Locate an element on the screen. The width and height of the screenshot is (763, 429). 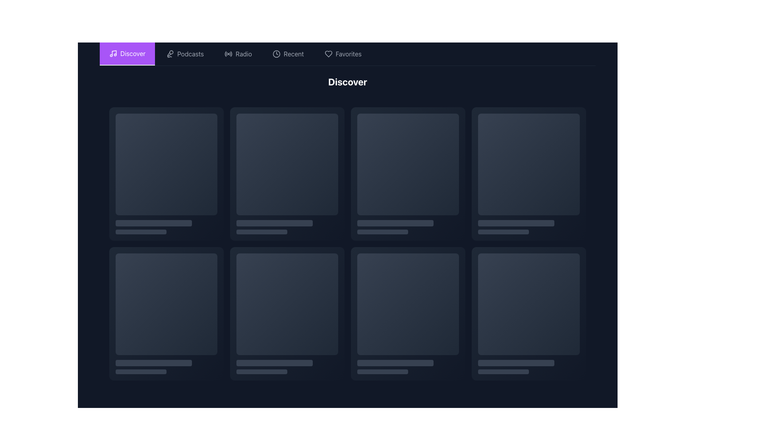
the decorative bar, which is a horizontal rectangle with rounded corners and a dark gray color, located in the bottom area of the second row of a grid layout is located at coordinates (261, 372).